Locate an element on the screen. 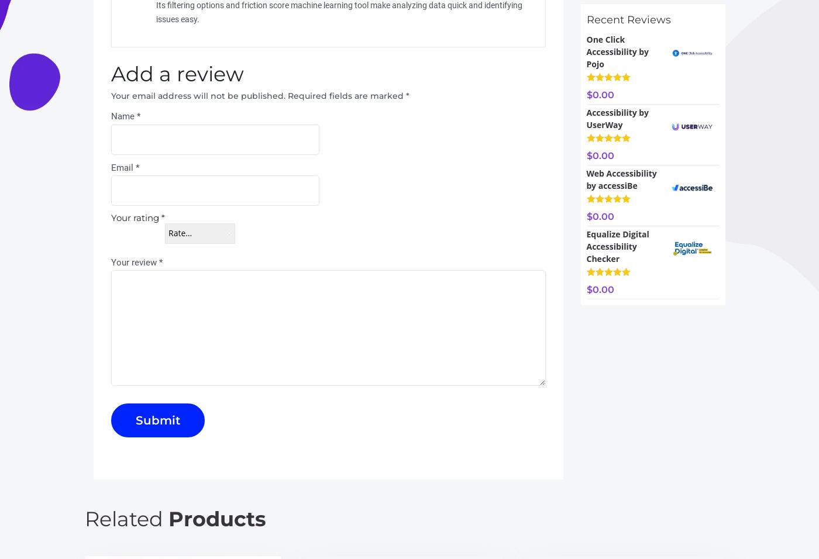  'Email' is located at coordinates (111, 167).